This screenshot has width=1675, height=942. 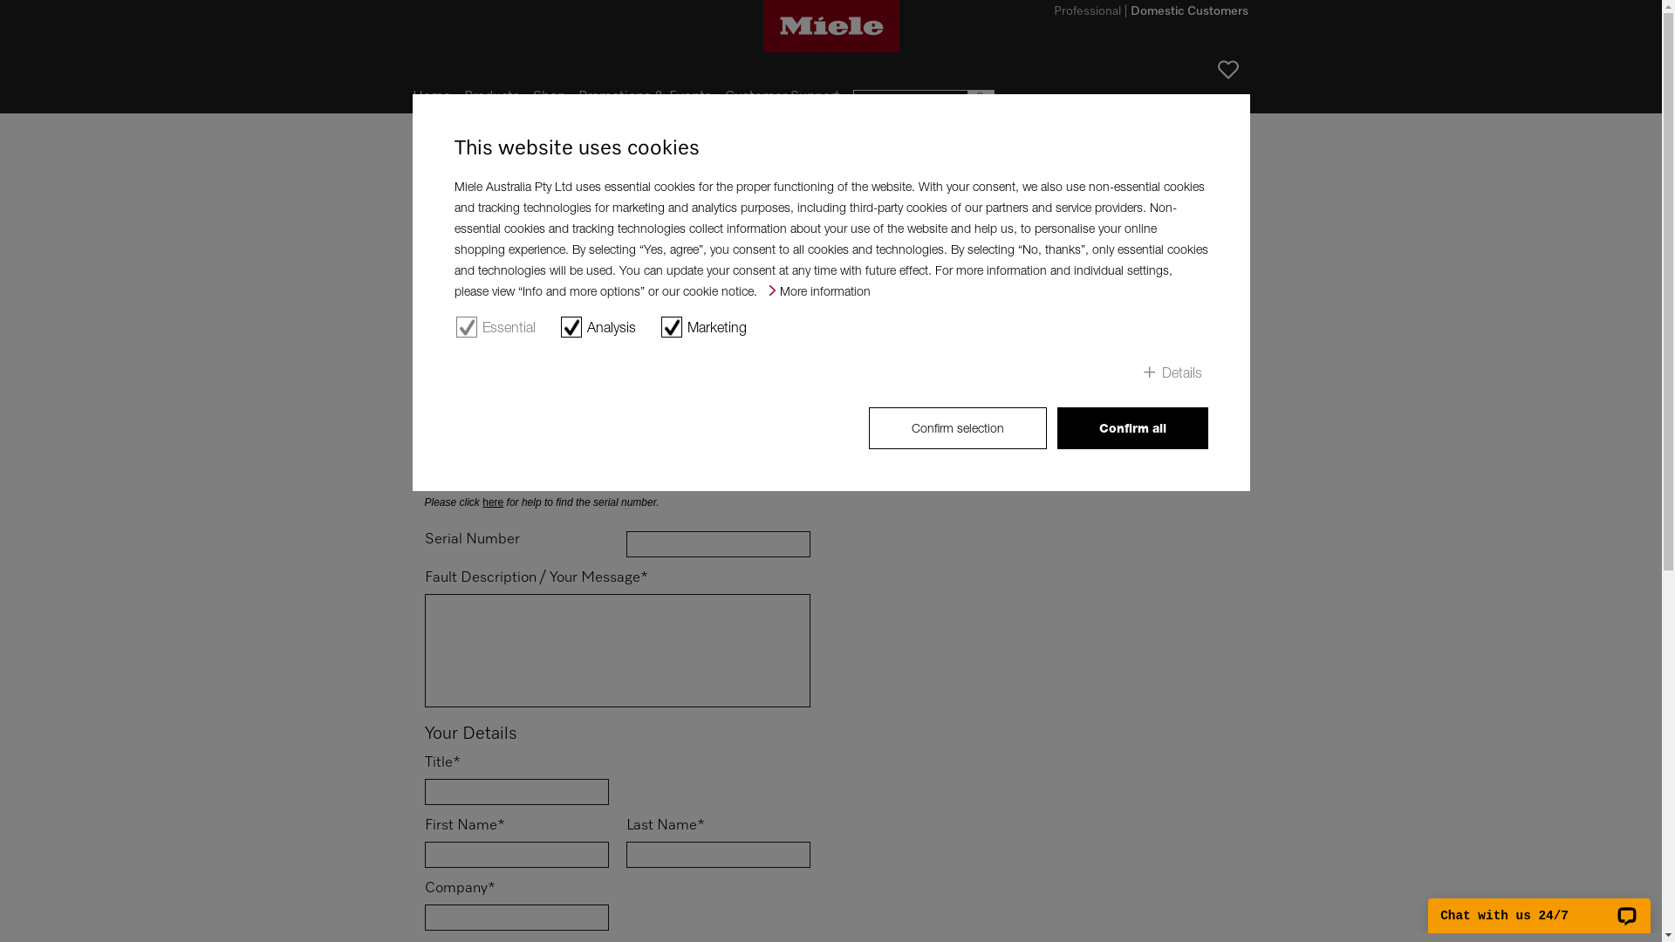 I want to click on 'Confirm all', so click(x=1132, y=427).